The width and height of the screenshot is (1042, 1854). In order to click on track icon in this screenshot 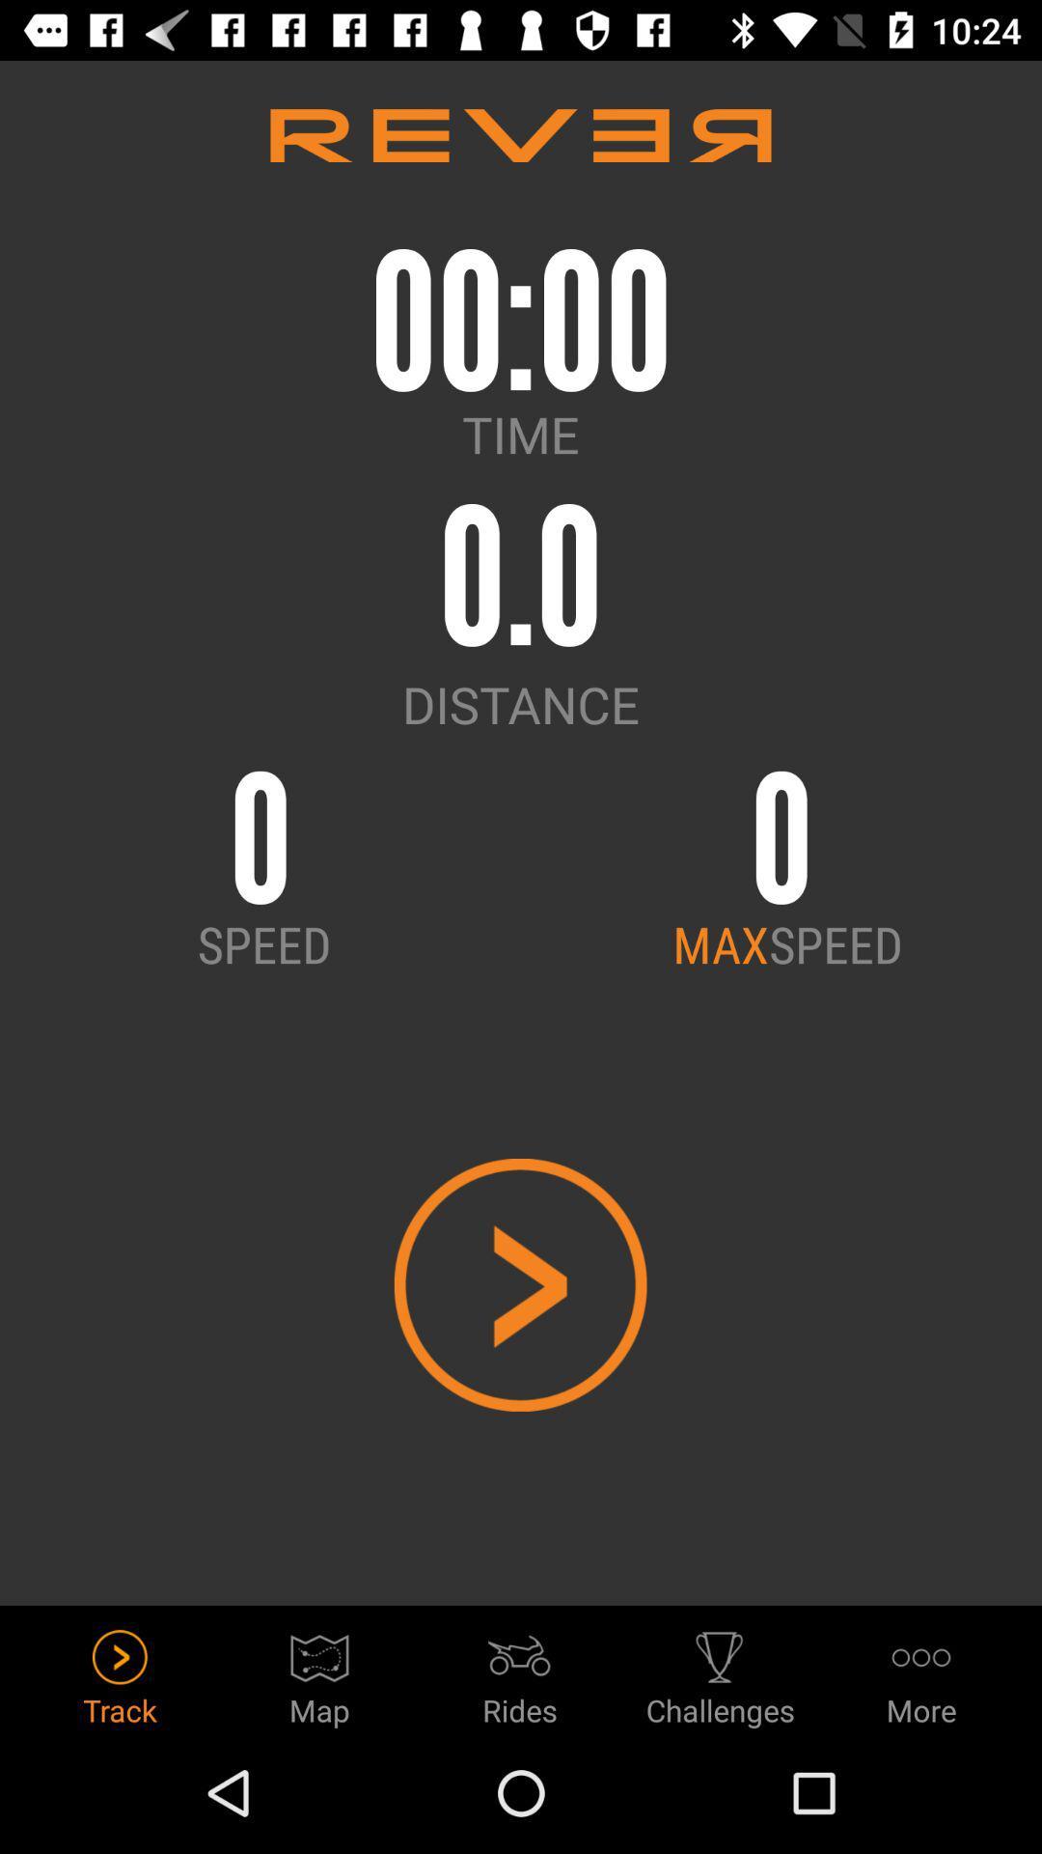, I will do `click(120, 1671)`.